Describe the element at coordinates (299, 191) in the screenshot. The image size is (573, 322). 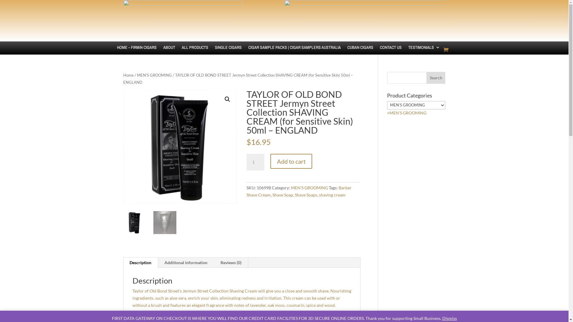
I see `'Barber Shave Cream'` at that location.